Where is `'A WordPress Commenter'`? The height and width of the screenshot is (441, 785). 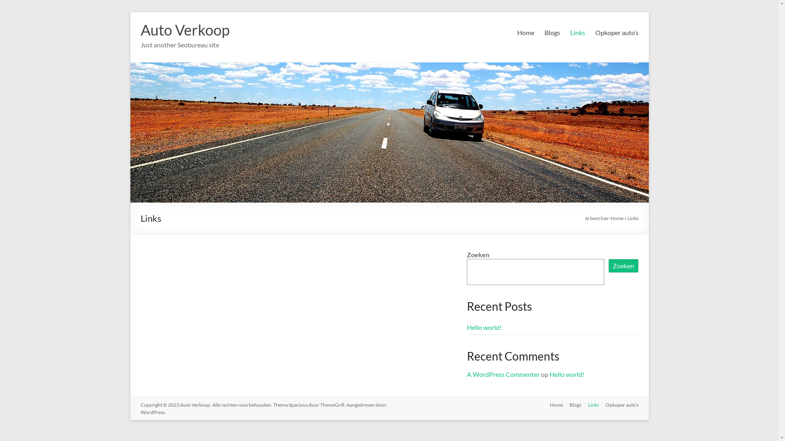 'A WordPress Commenter' is located at coordinates (502, 374).